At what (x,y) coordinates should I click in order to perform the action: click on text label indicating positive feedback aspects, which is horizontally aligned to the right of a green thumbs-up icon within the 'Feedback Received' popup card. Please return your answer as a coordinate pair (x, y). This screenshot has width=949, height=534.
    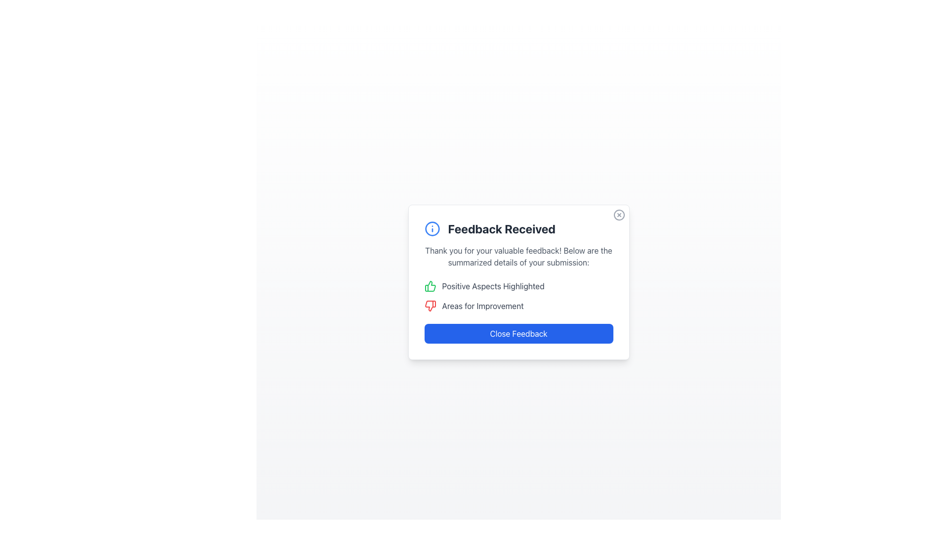
    Looking at the image, I should click on (493, 286).